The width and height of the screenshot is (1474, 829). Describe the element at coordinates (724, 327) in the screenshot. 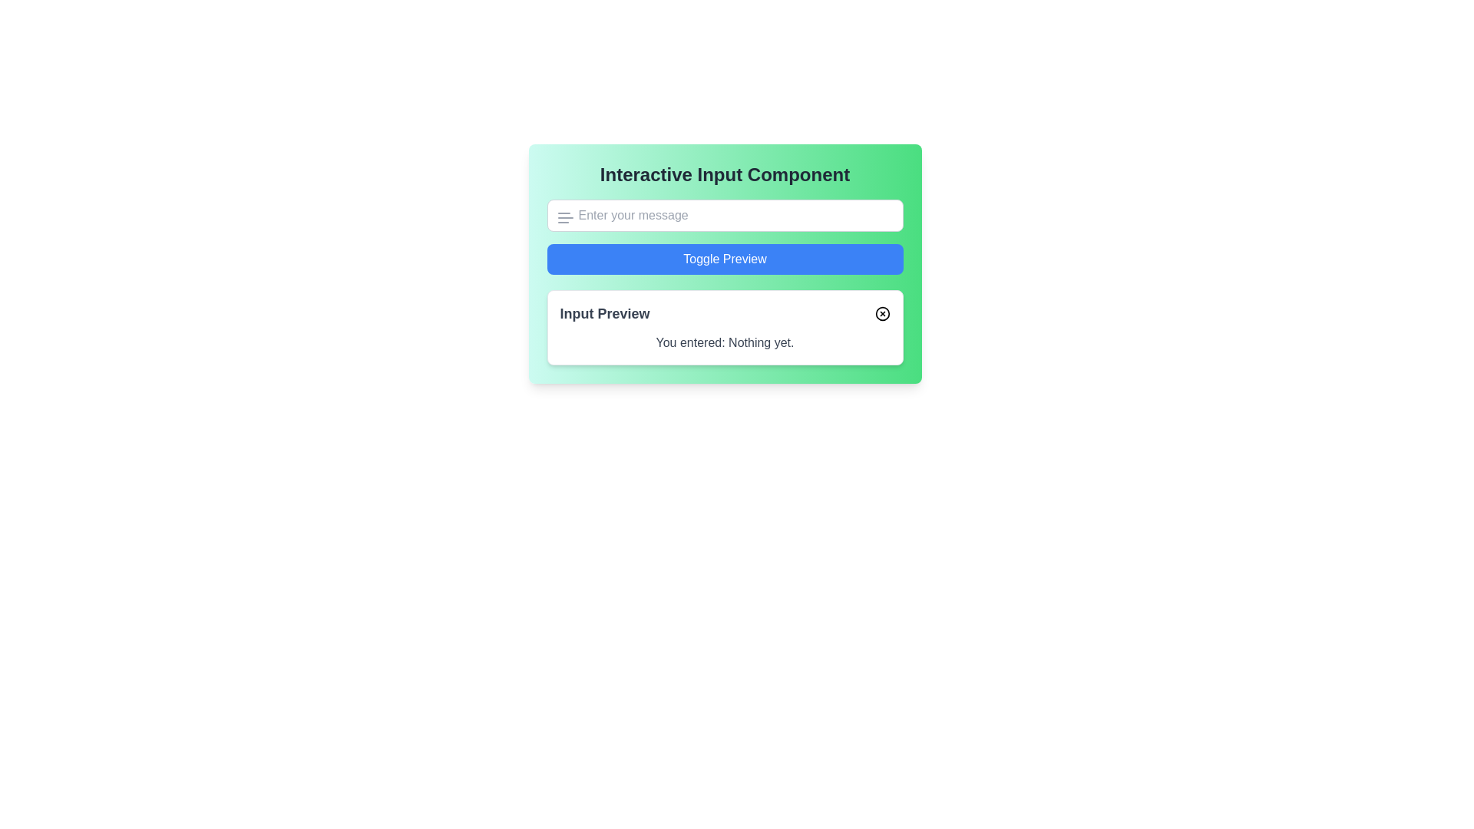

I see `the feedback or preview pane that displays the message about the current state of user input, located below the 'Toggle Preview' button` at that location.